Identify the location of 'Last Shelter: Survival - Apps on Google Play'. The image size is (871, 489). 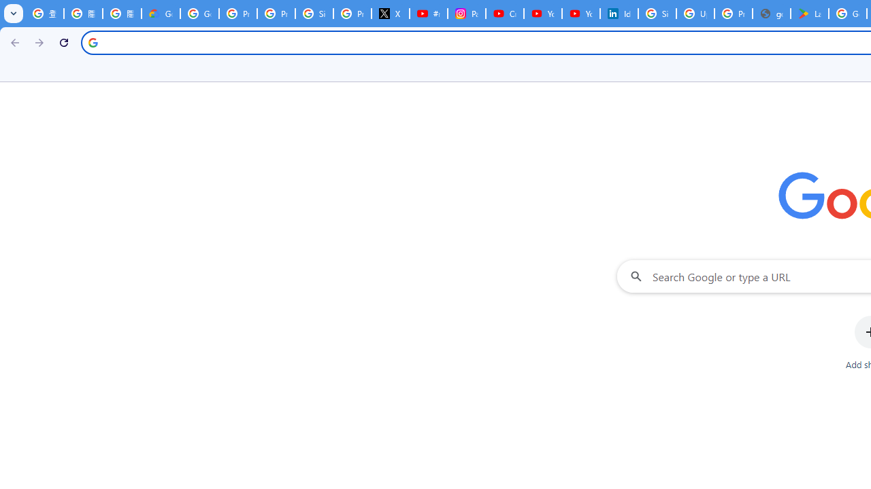
(810, 14).